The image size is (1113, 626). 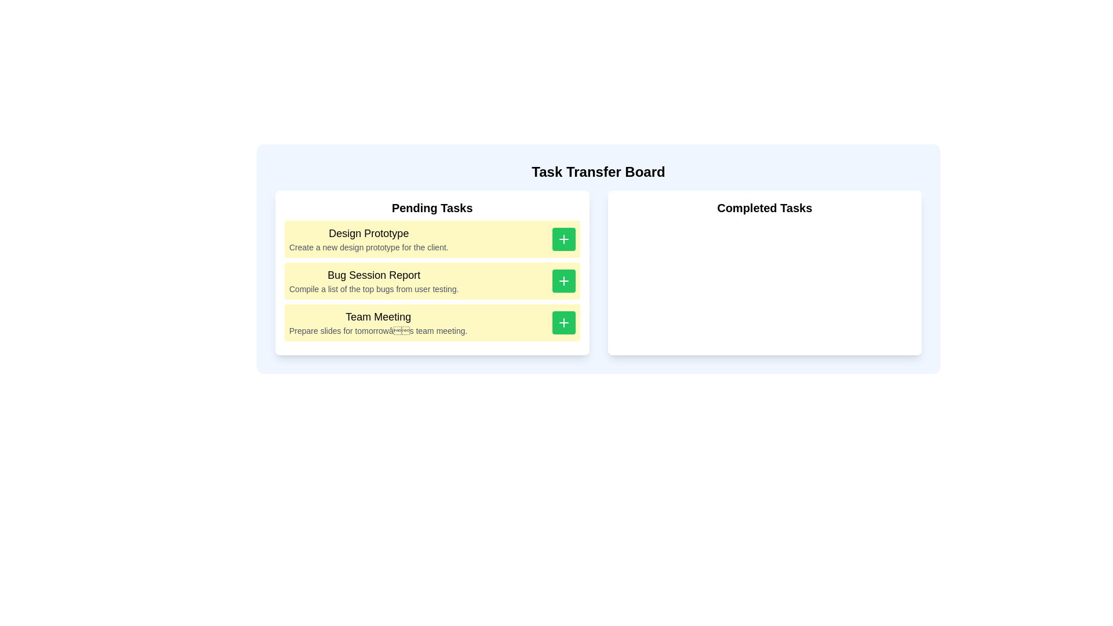 What do you see at coordinates (563, 322) in the screenshot?
I see `'+' button for the task 'Team Meeting' to move it to 'Completed Tasks'` at bounding box center [563, 322].